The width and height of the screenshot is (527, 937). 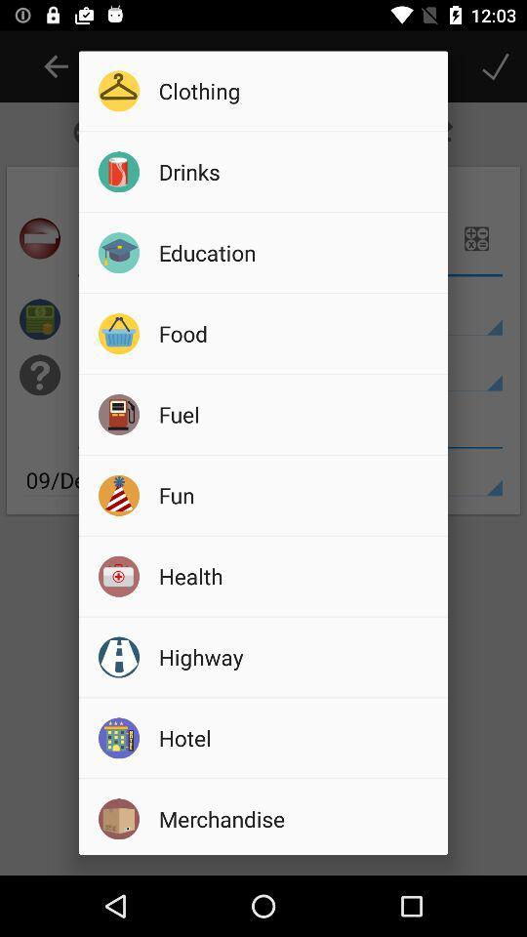 I want to click on icon above the drinks icon, so click(x=296, y=91).